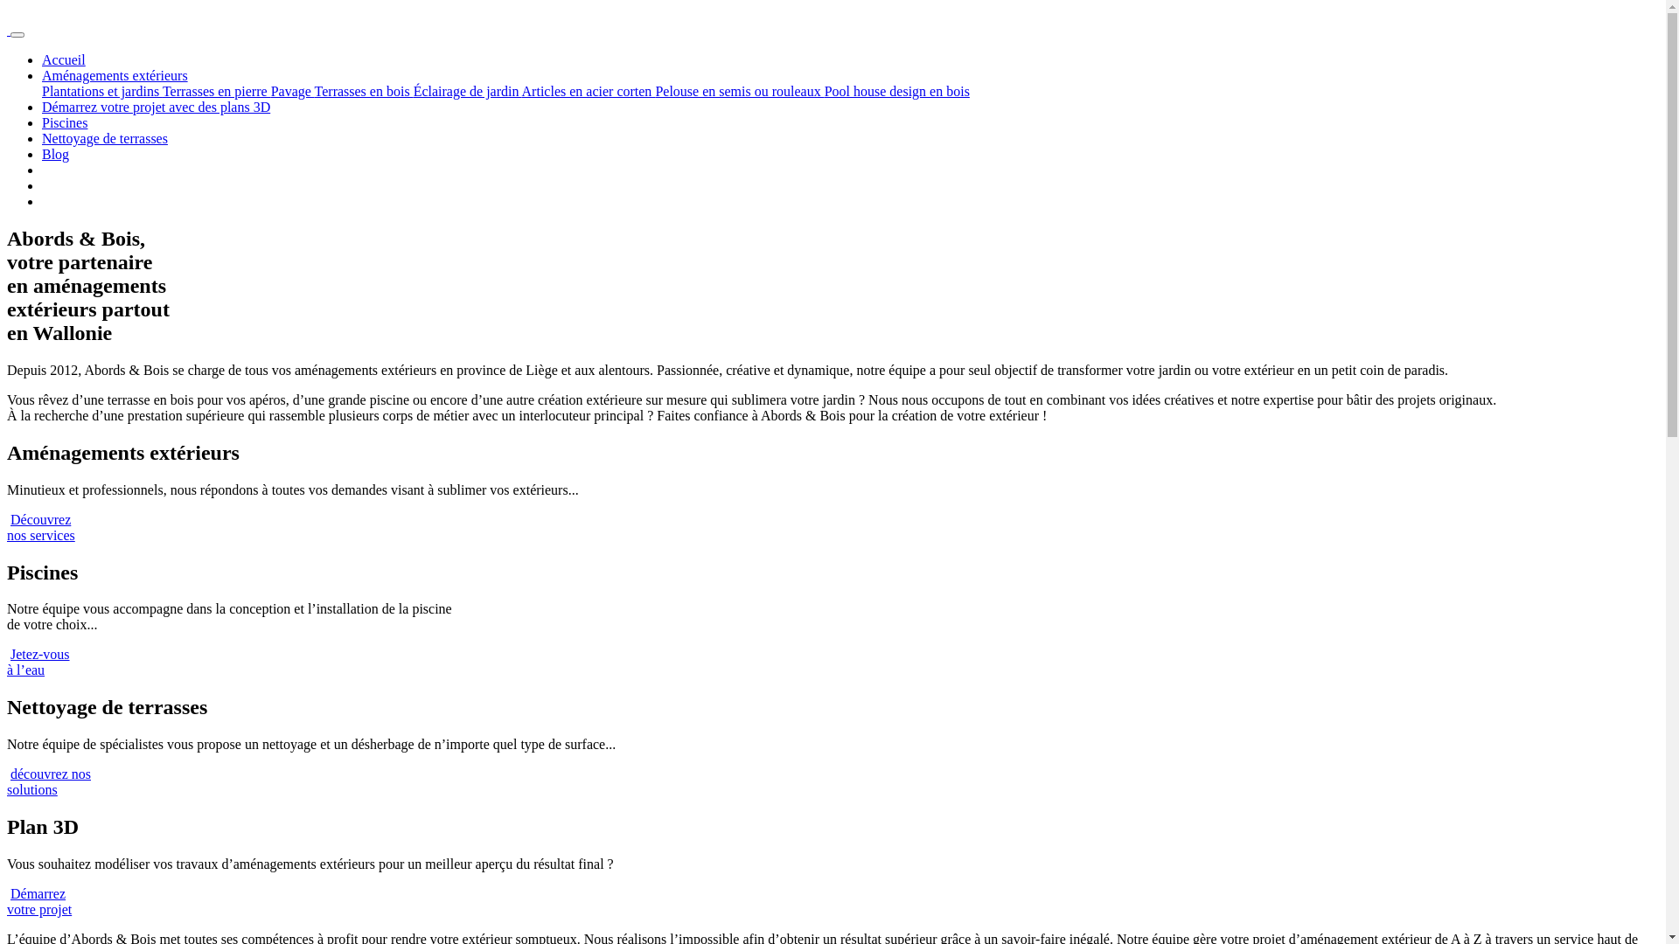 The width and height of the screenshot is (1679, 944). What do you see at coordinates (63, 59) in the screenshot?
I see `'Accueil'` at bounding box center [63, 59].